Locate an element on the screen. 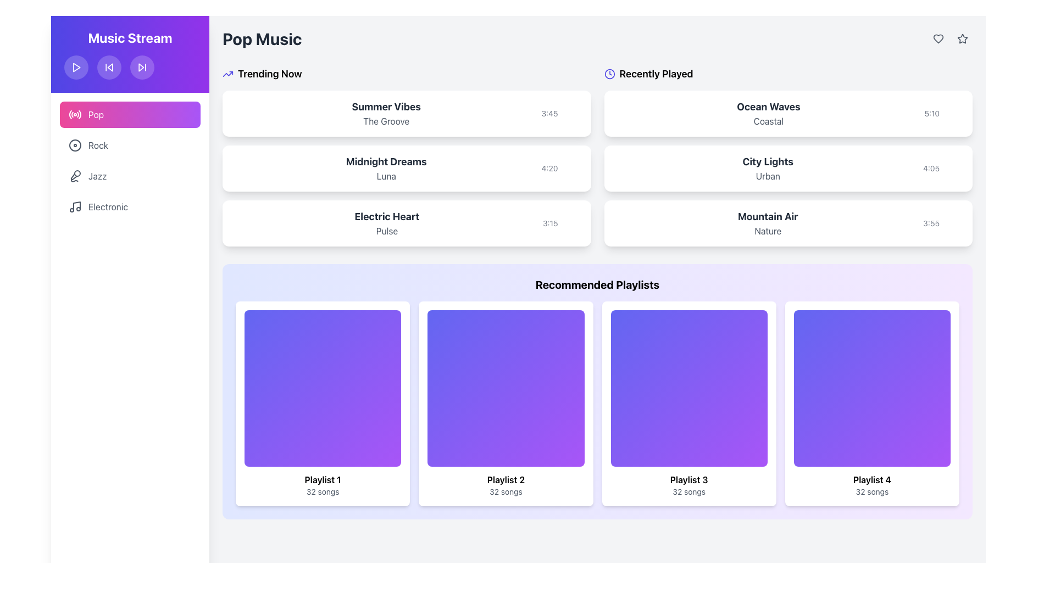 Image resolution: width=1055 pixels, height=593 pixels. the graphical decorative component within the SVG icon that visually represents an upward progression, located closer to the left side of the icon is located at coordinates (227, 74).